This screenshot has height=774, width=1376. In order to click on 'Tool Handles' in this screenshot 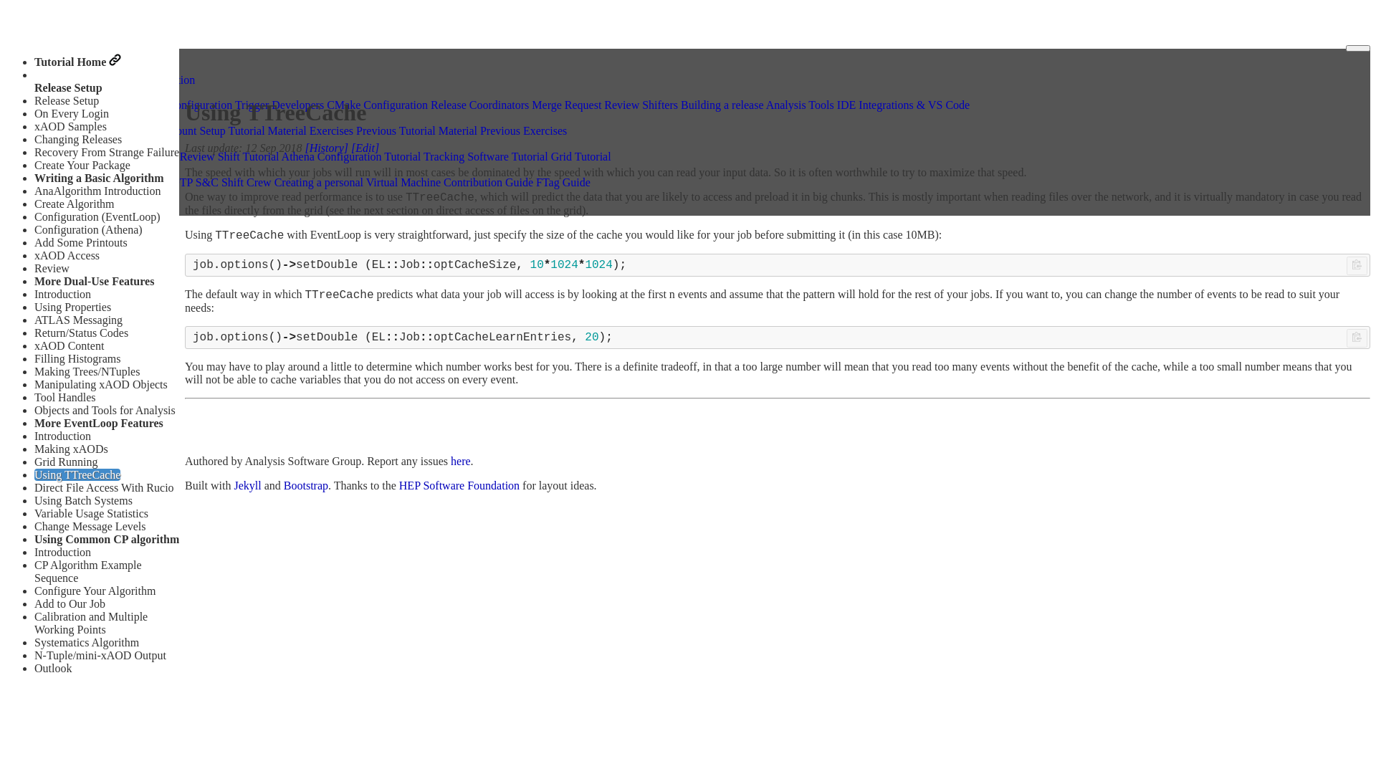, I will do `click(64, 397)`.